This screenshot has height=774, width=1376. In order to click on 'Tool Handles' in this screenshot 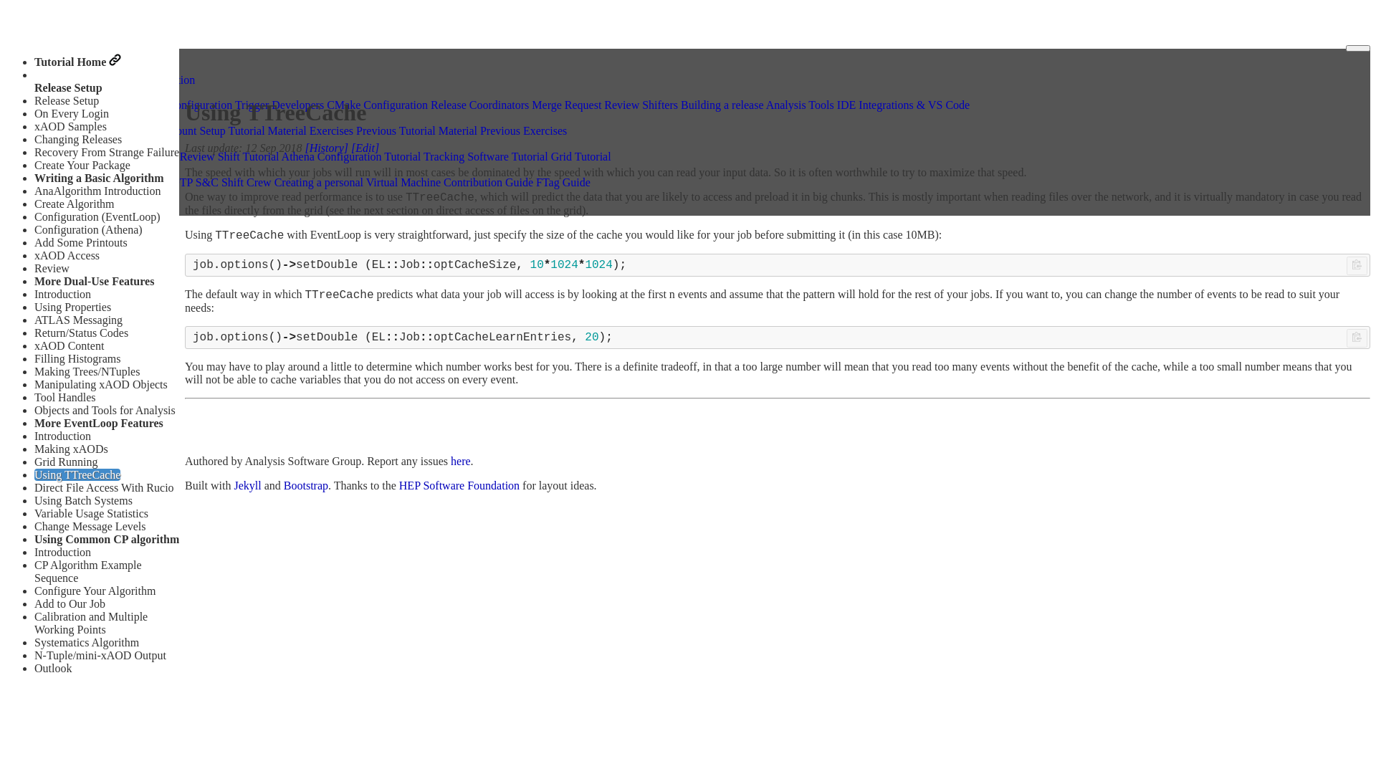, I will do `click(64, 397)`.